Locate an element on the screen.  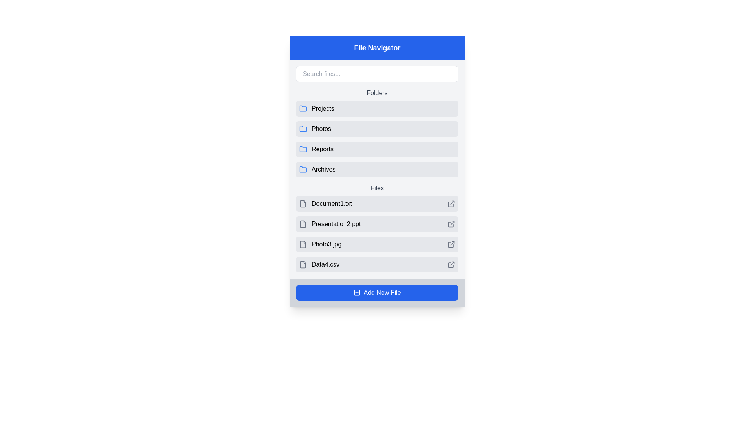
the list item displaying the file name 'Photo3.jpg' is located at coordinates (377, 234).